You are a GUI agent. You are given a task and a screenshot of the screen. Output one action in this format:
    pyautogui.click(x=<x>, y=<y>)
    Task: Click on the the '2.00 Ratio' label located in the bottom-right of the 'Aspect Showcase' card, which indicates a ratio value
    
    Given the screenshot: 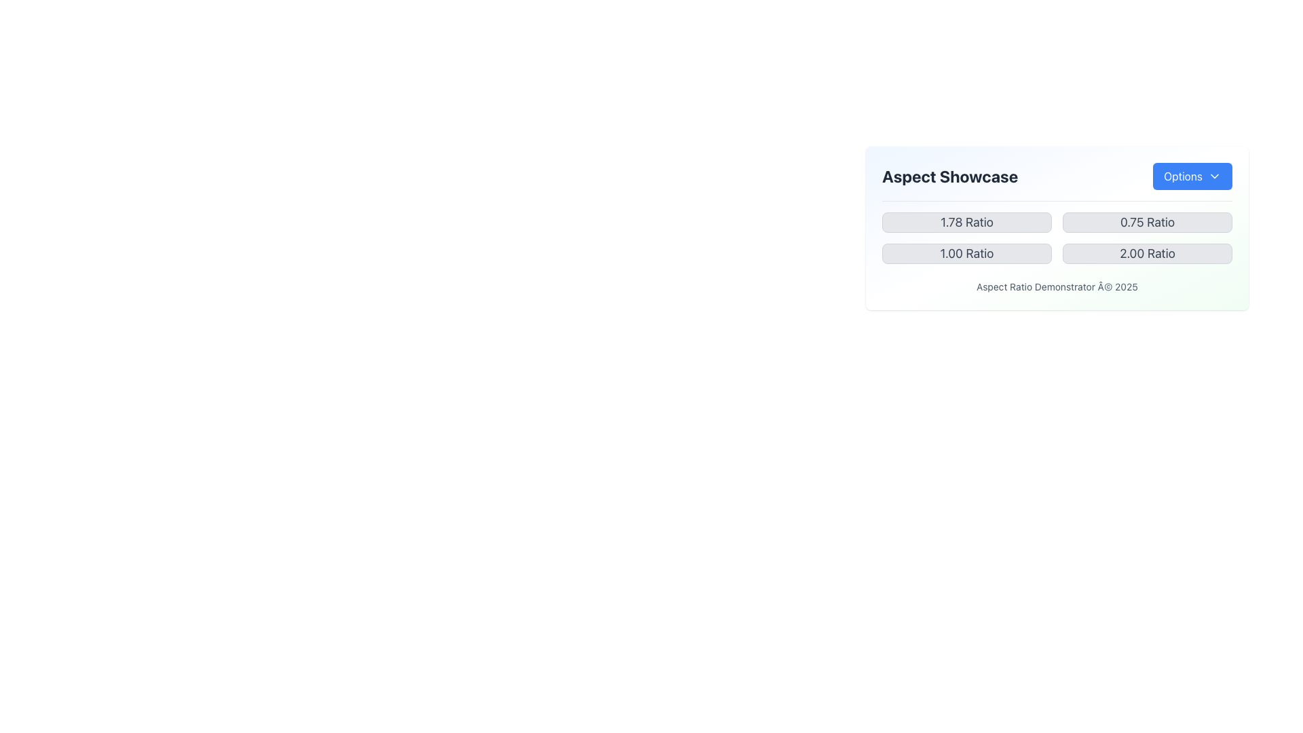 What is the action you would take?
    pyautogui.click(x=1146, y=254)
    